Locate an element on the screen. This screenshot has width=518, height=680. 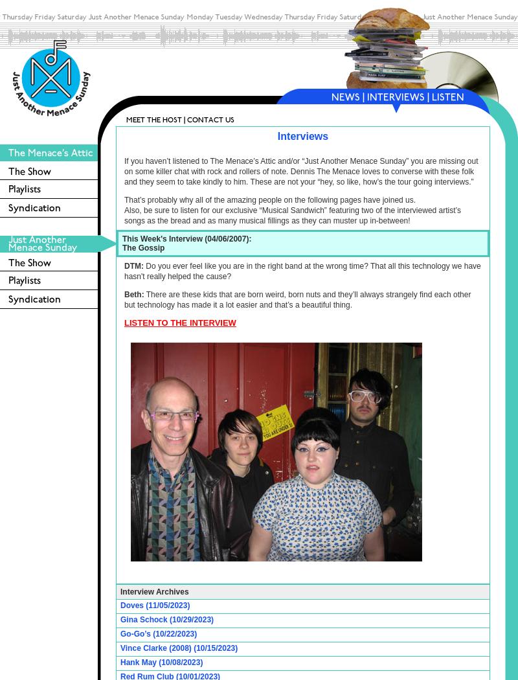
'Go-Go’s (10/22/2023)' is located at coordinates (158, 634).